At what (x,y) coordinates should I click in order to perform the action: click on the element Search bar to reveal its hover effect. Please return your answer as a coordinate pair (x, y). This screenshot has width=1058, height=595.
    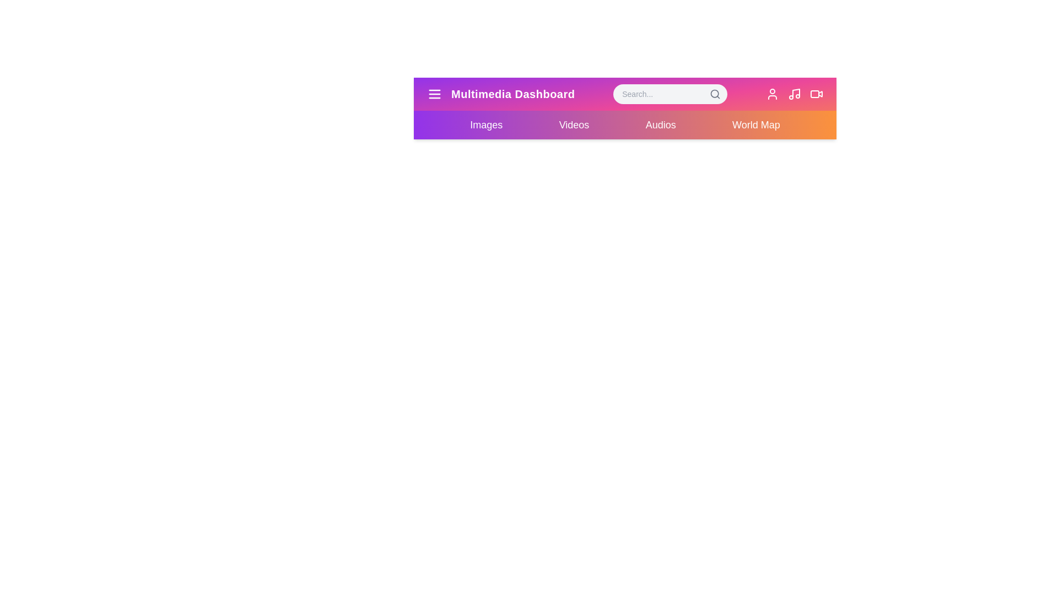
    Looking at the image, I should click on (669, 93).